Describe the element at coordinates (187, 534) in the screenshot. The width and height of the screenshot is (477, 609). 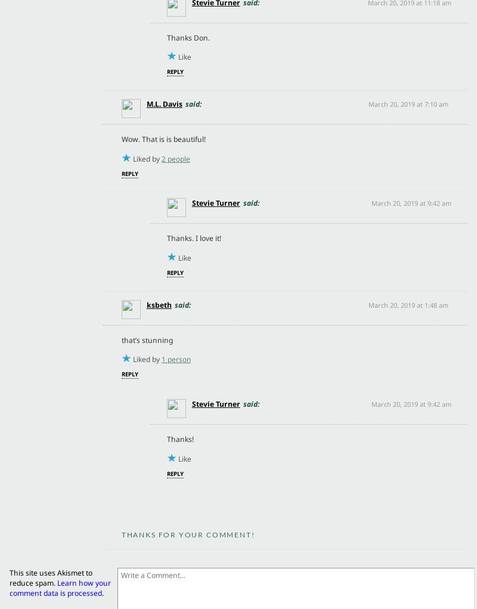
I see `'Thanks for your comment!'` at that location.